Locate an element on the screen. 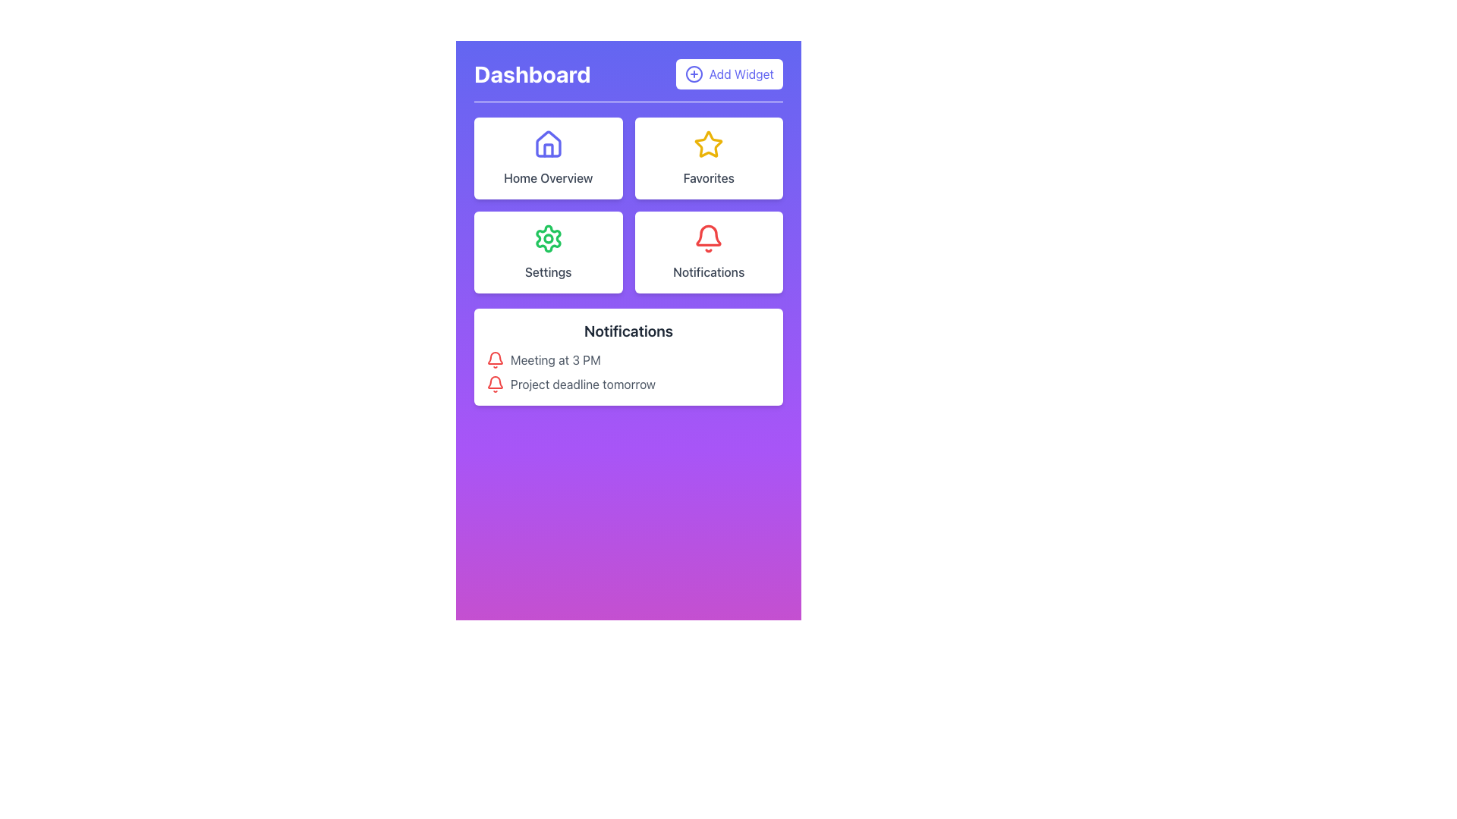 The height and width of the screenshot is (819, 1457). the star icon located in the top right corner of the main grid within the 'Favorites' section is located at coordinates (708, 144).